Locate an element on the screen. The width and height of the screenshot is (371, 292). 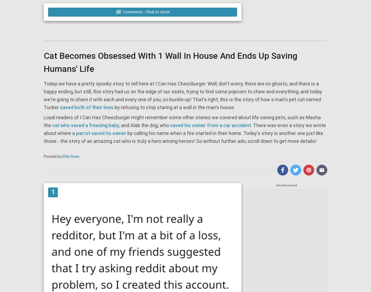
'saved his owner from a car accident' is located at coordinates (210, 125).